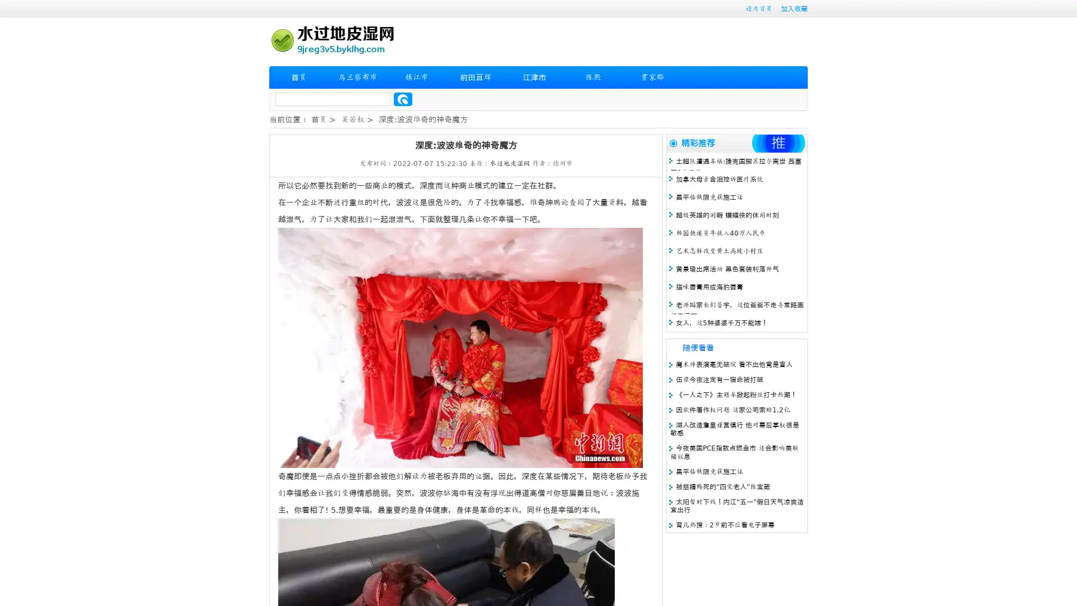  Describe the element at coordinates (403, 99) in the screenshot. I see `Search` at that location.